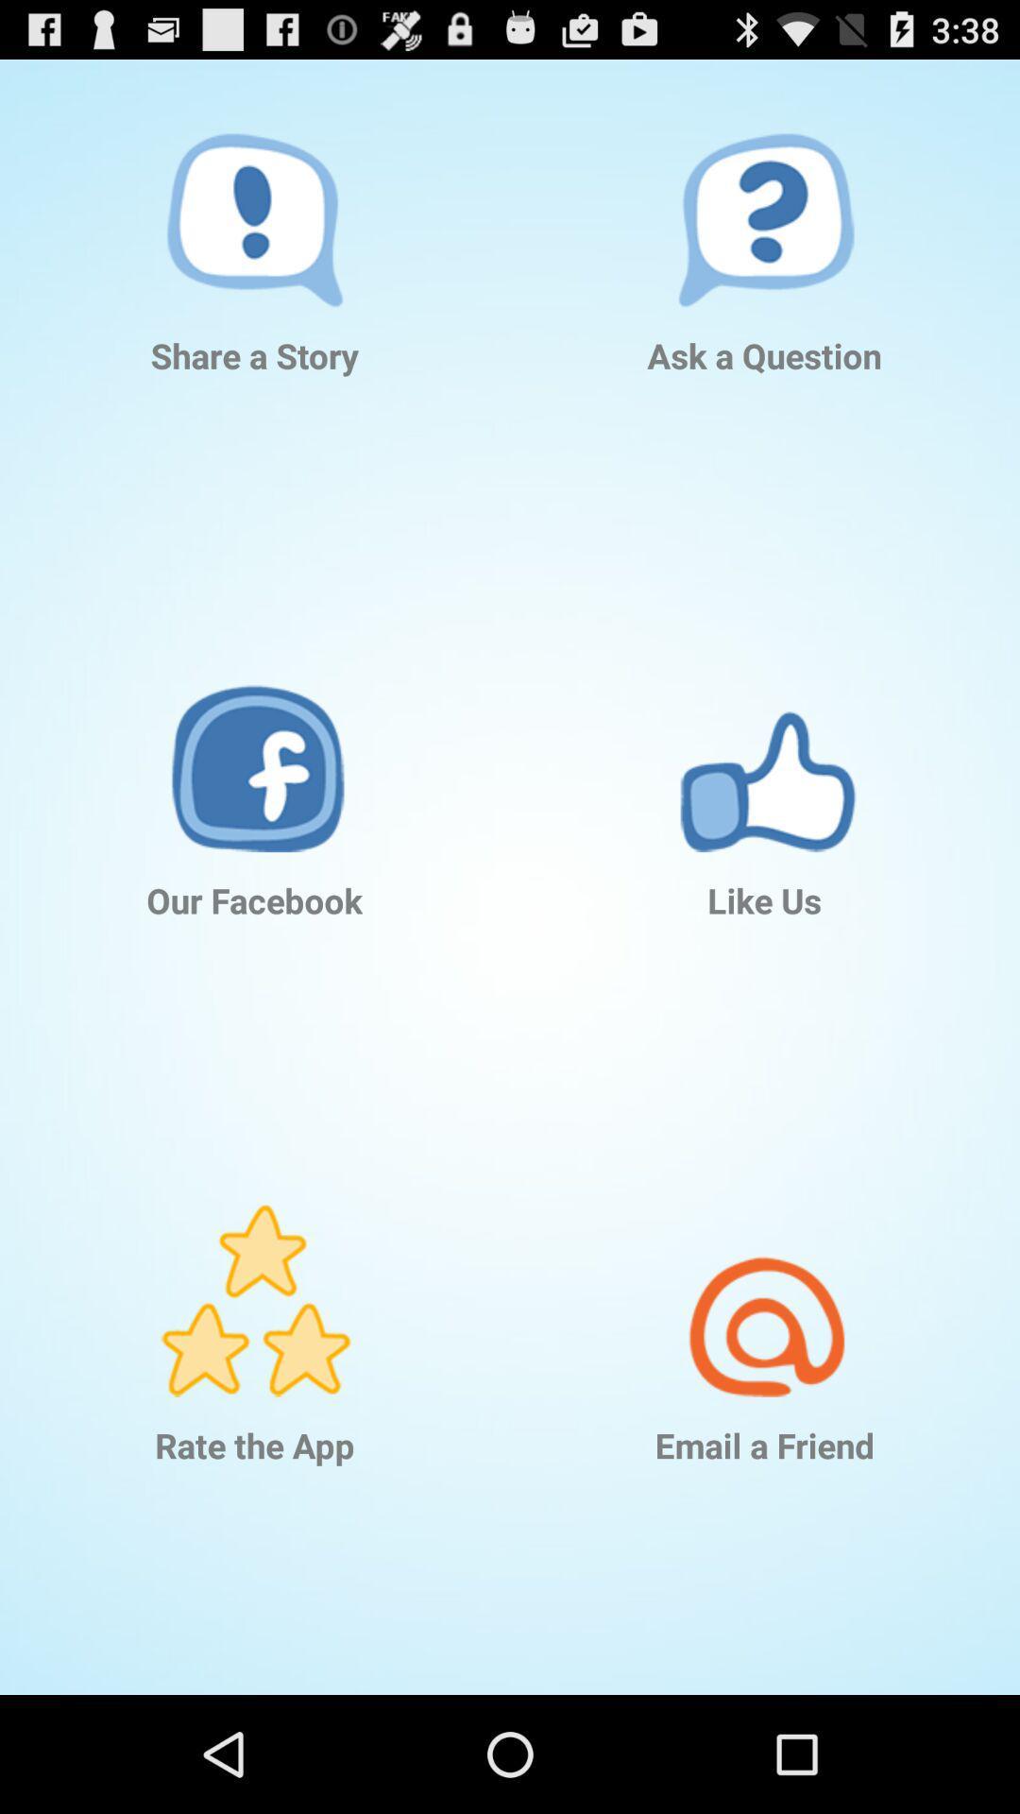  What do you see at coordinates (255, 1274) in the screenshot?
I see `rate the app ion` at bounding box center [255, 1274].